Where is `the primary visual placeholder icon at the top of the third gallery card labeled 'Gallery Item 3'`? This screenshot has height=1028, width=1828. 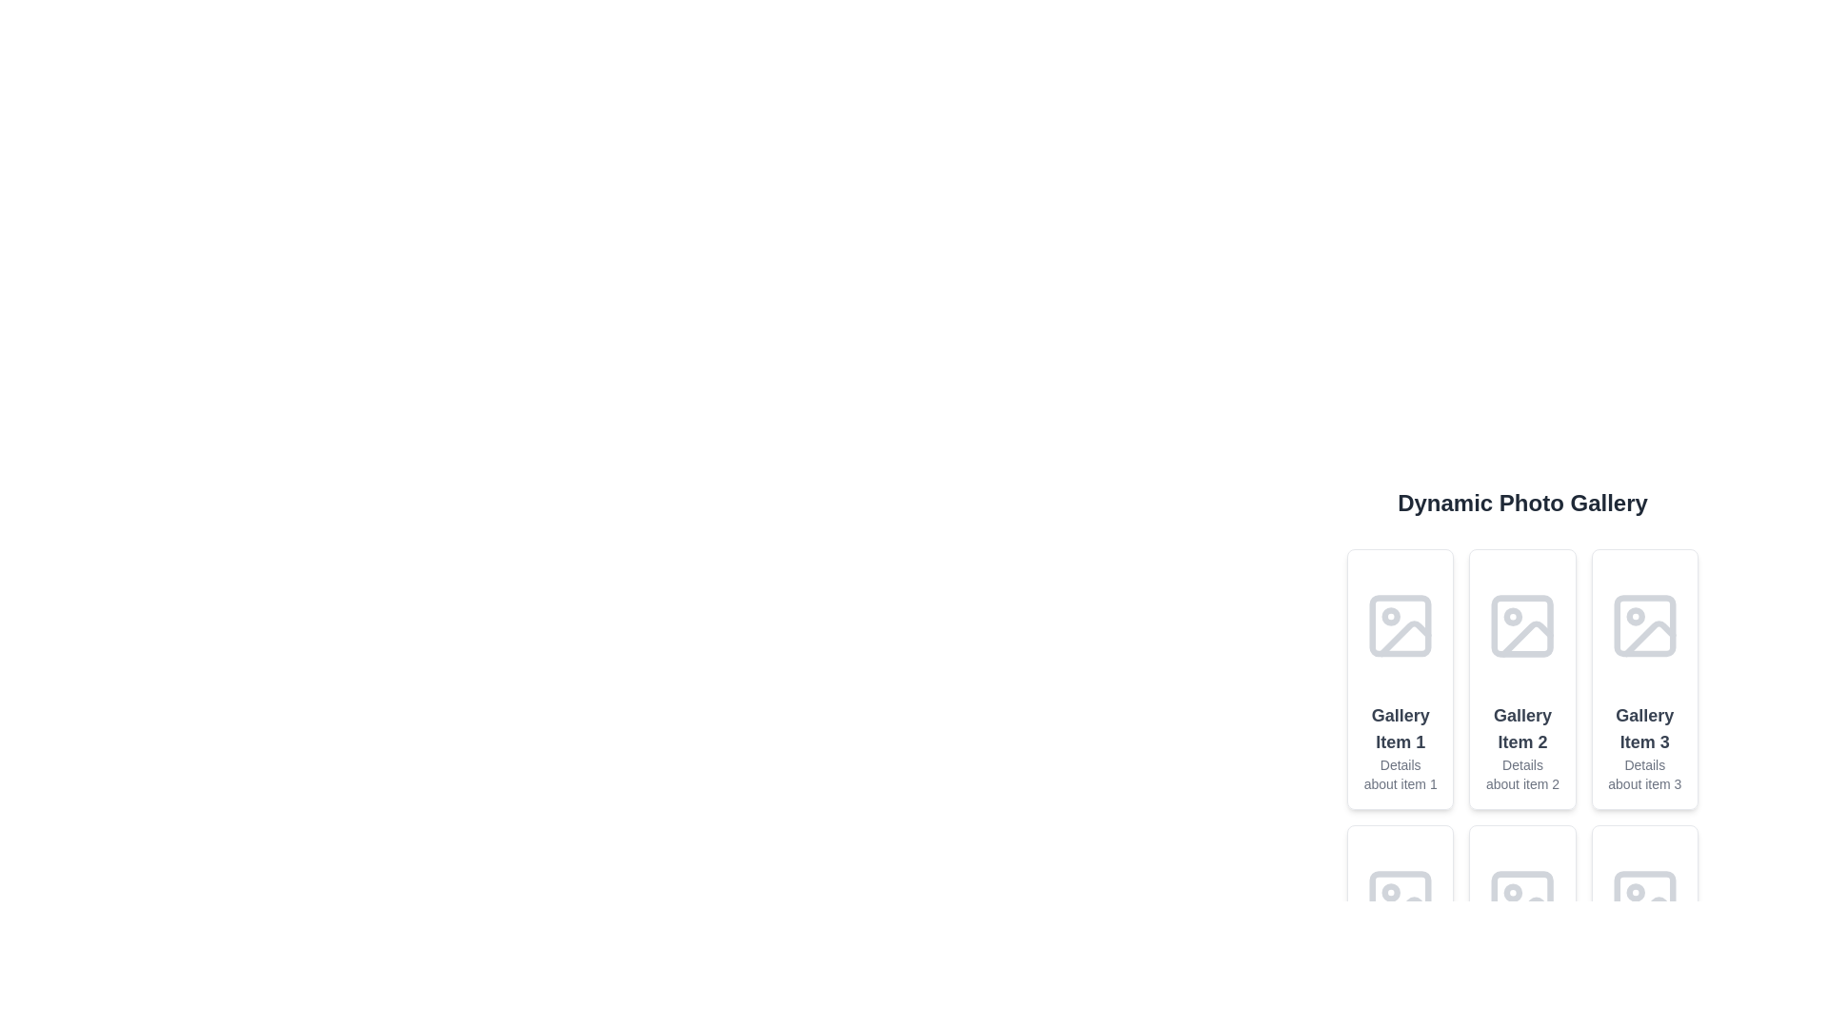 the primary visual placeholder icon at the top of the third gallery card labeled 'Gallery Item 3' is located at coordinates (1643, 626).